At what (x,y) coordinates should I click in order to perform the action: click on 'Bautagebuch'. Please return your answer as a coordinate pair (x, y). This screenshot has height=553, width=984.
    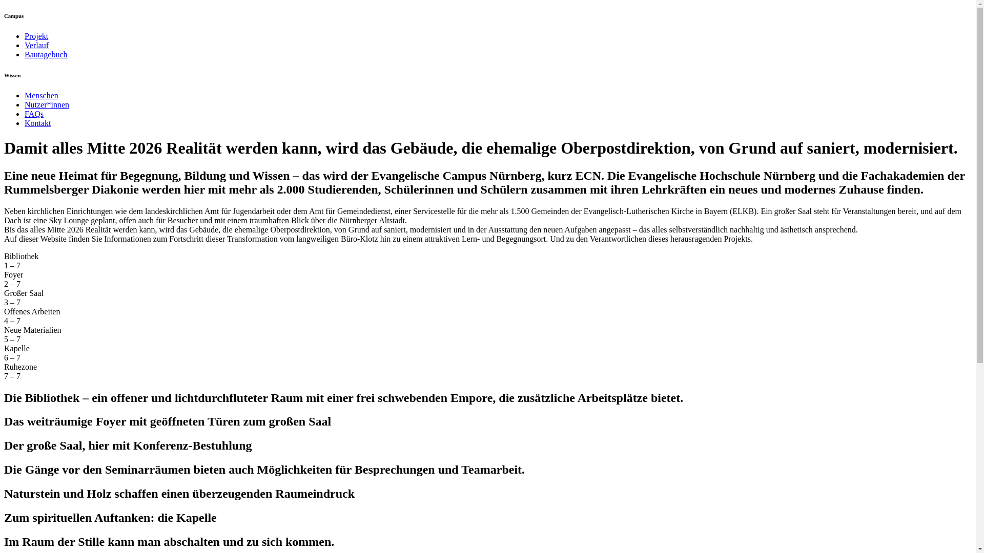
    Looking at the image, I should click on (46, 54).